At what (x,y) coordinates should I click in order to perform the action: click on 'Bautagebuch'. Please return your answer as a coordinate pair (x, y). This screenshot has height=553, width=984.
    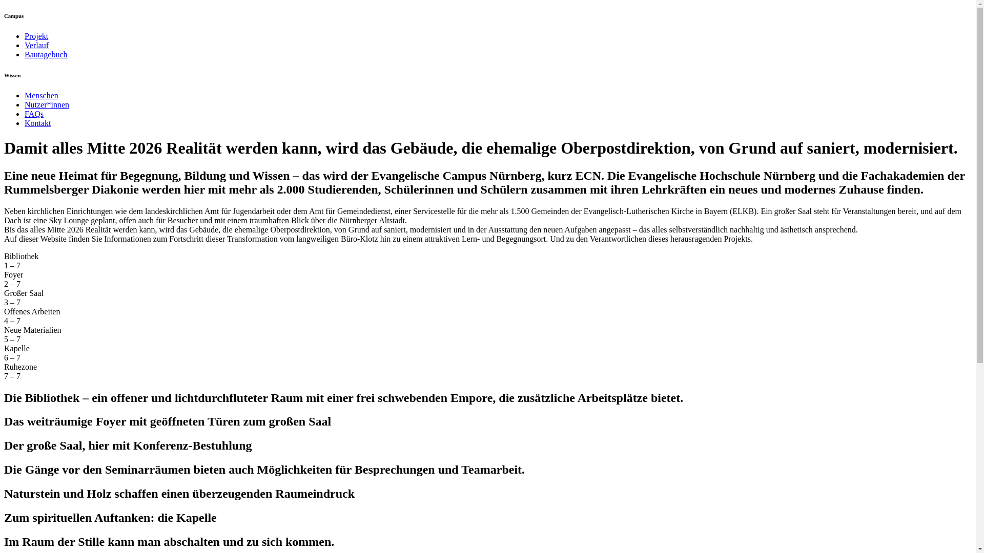
    Looking at the image, I should click on (46, 54).